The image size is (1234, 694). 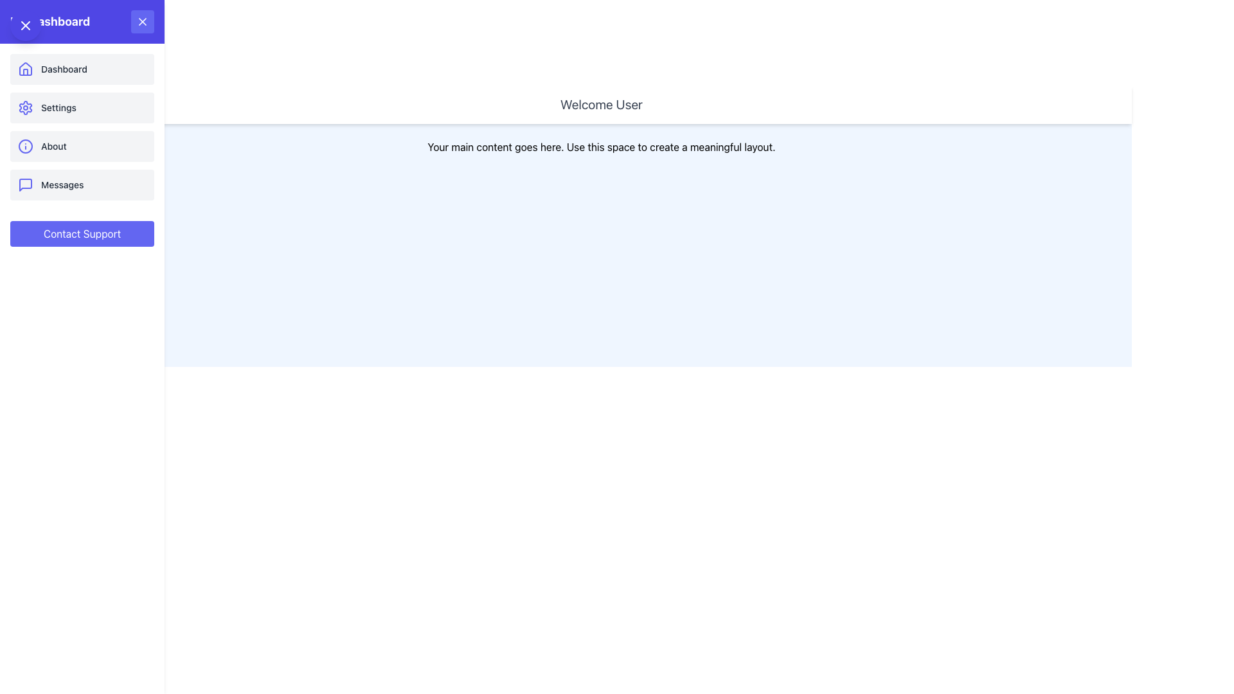 I want to click on the decorative door component of the house icon located in the sidebar, which is the first icon in the list, so click(x=25, y=72).